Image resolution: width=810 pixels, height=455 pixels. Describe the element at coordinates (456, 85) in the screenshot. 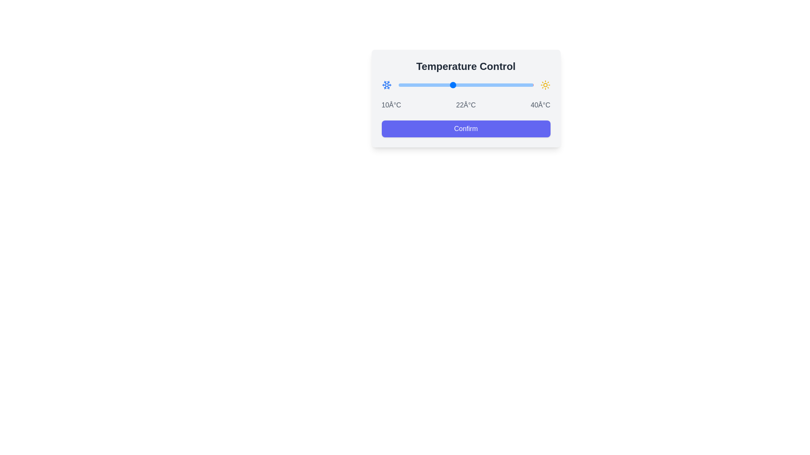

I see `the temperature slider to set the temperature to 23°C` at that location.